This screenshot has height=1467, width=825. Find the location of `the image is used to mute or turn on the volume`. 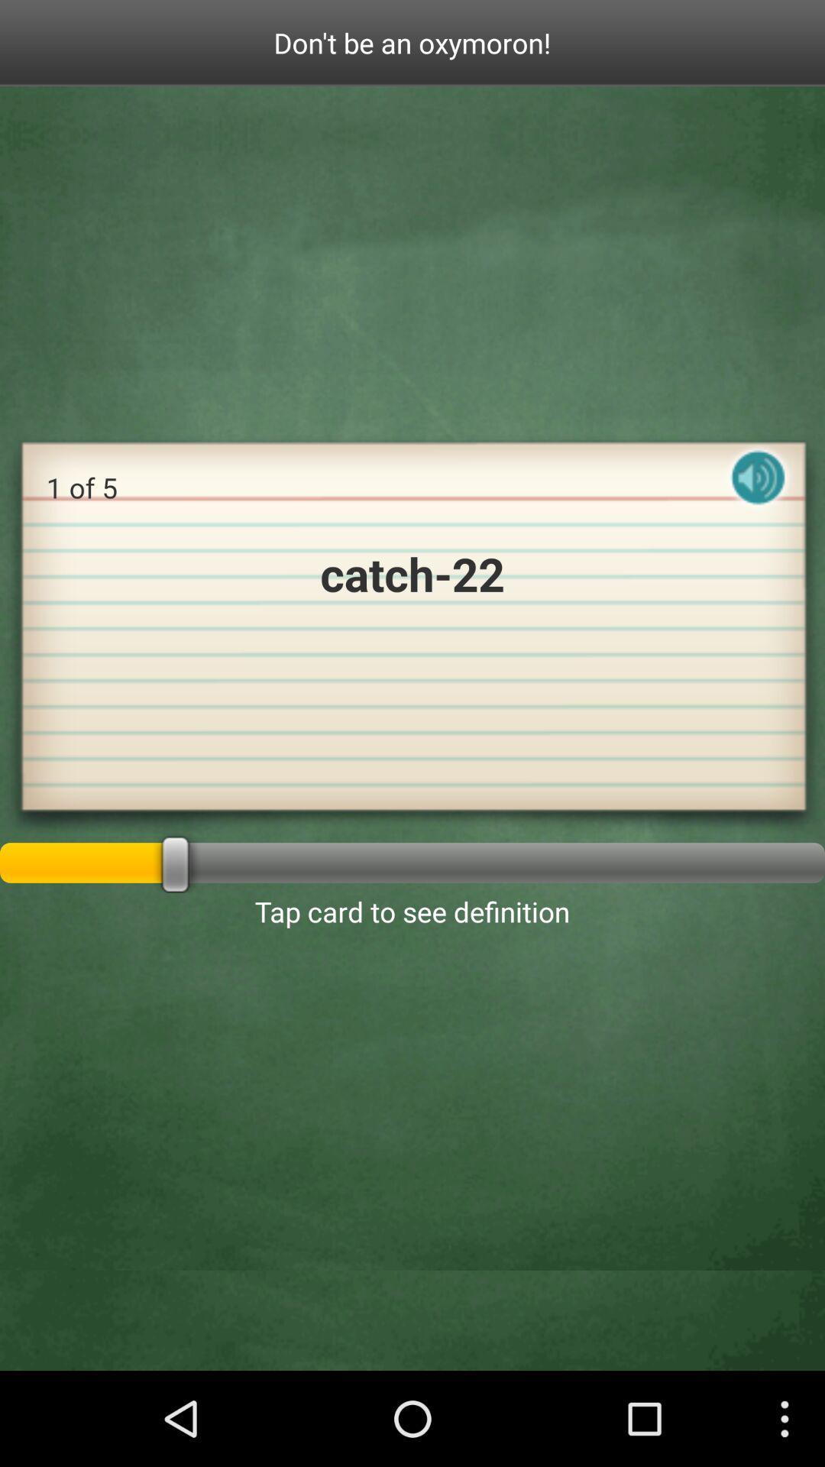

the image is used to mute or turn on the volume is located at coordinates (758, 491).